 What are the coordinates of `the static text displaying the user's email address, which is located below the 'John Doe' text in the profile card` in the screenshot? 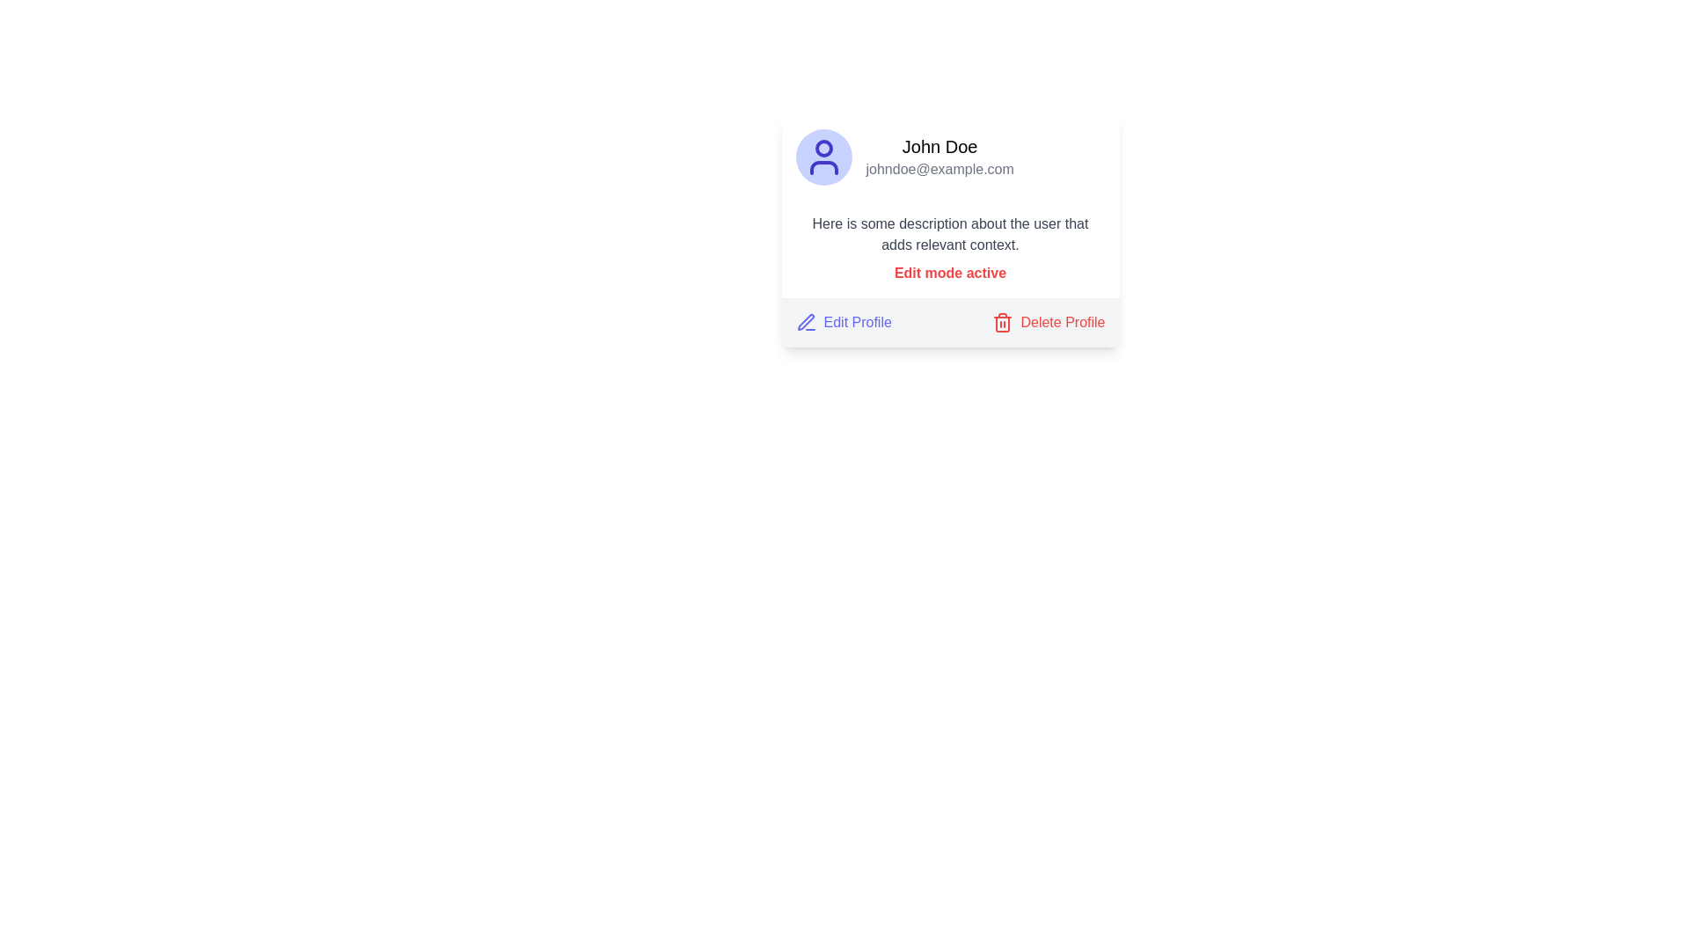 It's located at (939, 169).